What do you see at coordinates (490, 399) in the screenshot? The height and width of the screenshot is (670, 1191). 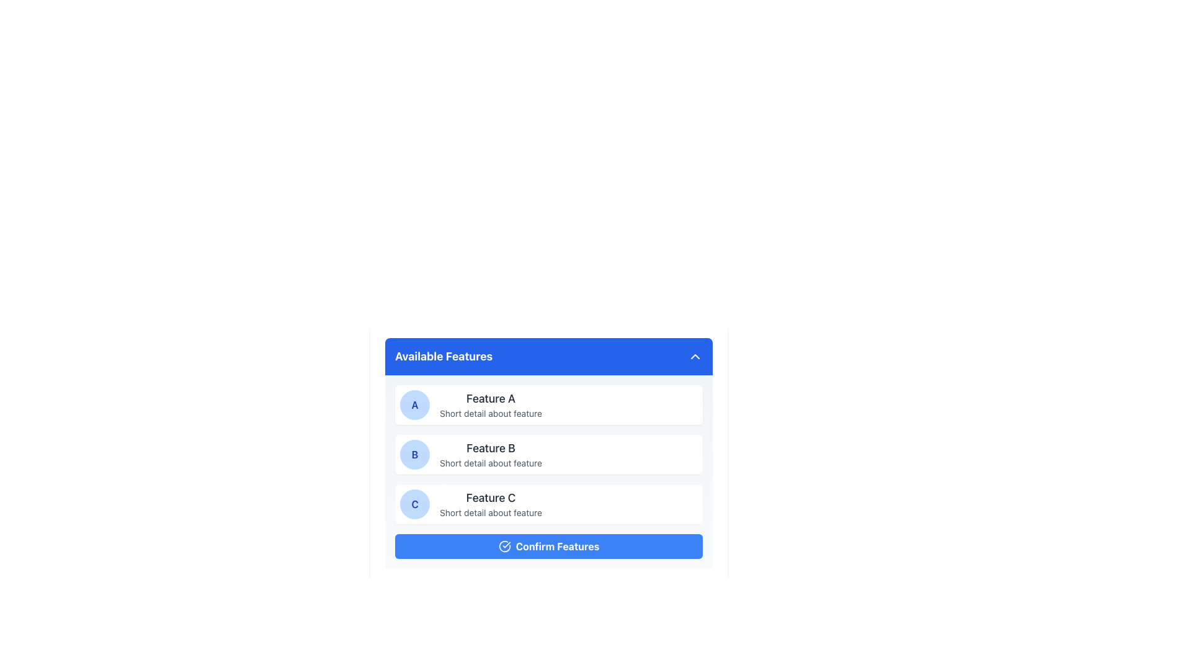 I see `the informational Text Label that identifies the feature name, positioned below the 'Available Features' header and at the top of the feature list` at bounding box center [490, 399].